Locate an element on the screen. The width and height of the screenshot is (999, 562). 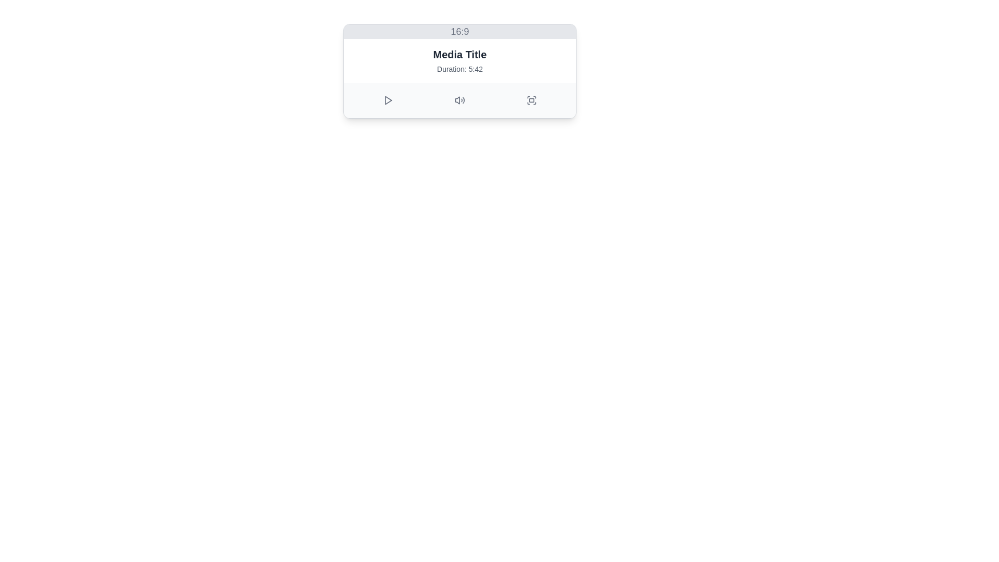
the text label displaying '16:9' in gray font located at the top center of the media-related card component is located at coordinates (459, 31).